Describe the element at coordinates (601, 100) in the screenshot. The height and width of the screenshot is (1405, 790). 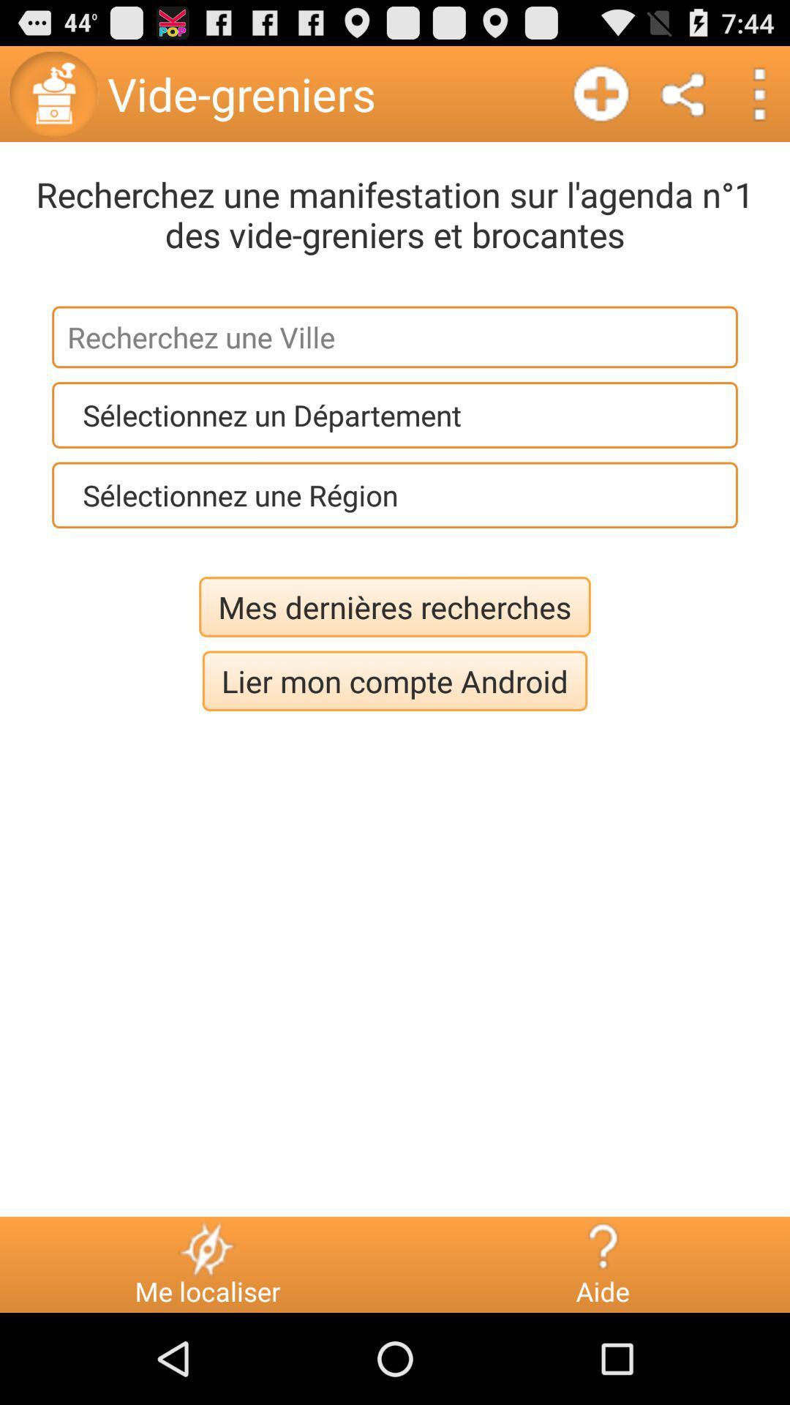
I see `the add icon` at that location.